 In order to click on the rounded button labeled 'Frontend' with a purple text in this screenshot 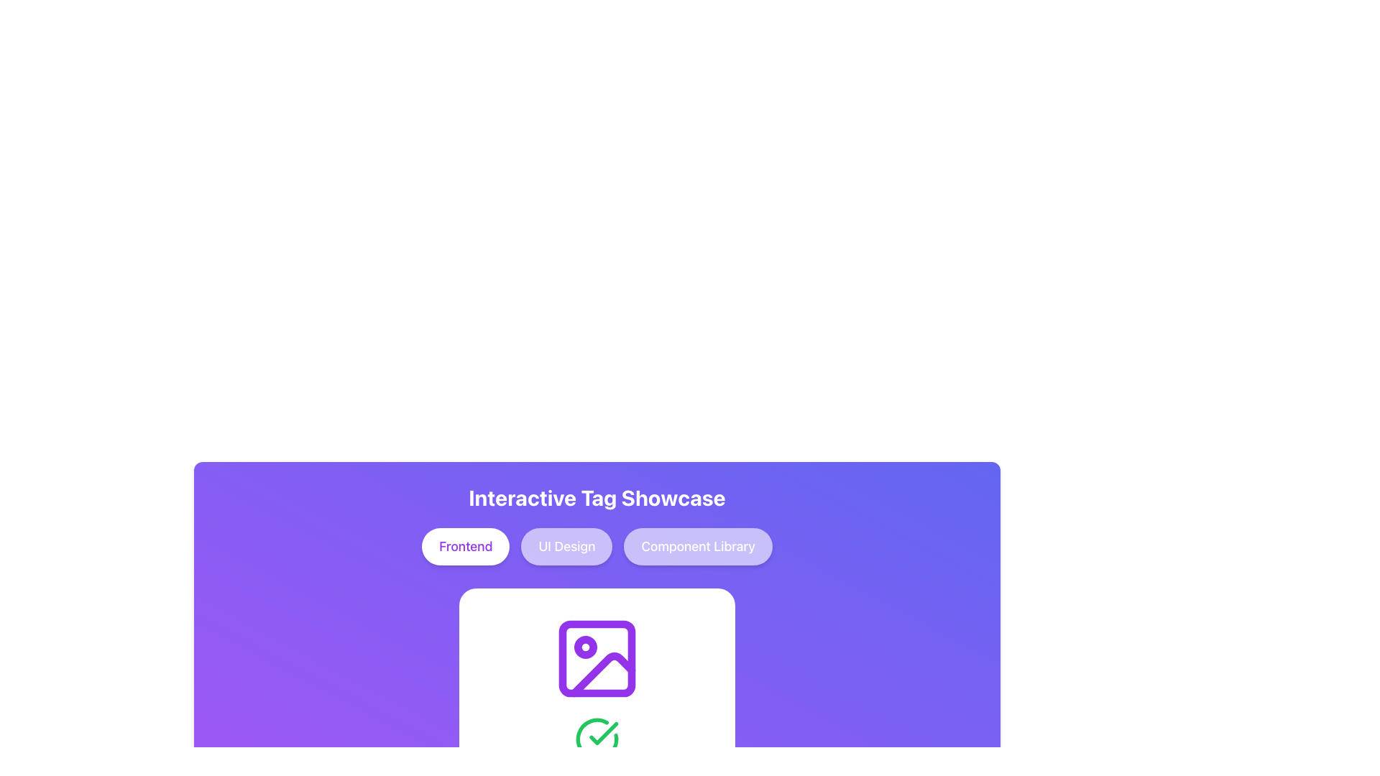, I will do `click(466, 546)`.